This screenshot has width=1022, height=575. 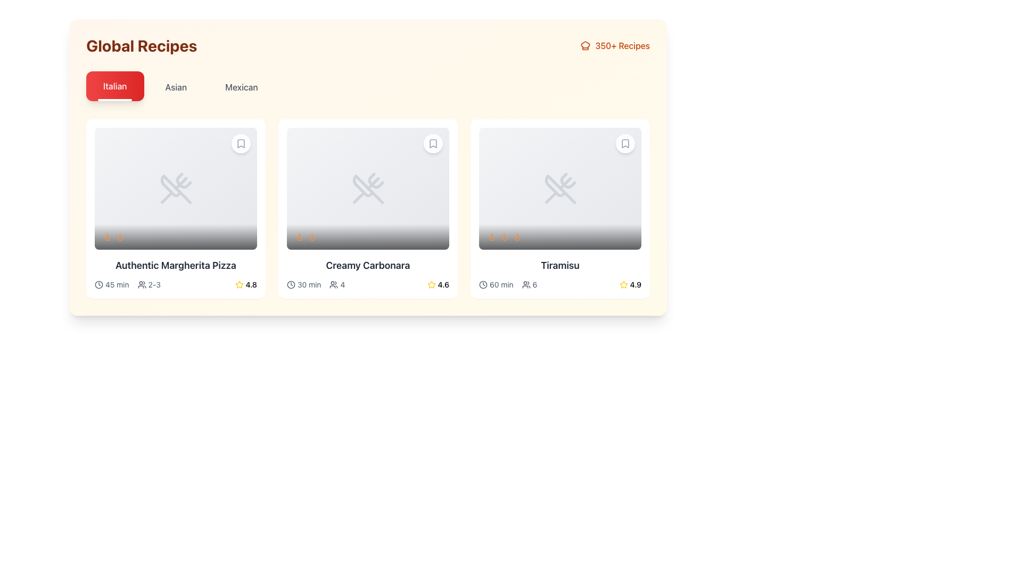 I want to click on informational header element displaying '350+ Recipes' in bold orange font, which is located in the top-right corner of the 'Global Recipes' section, so click(x=615, y=45).